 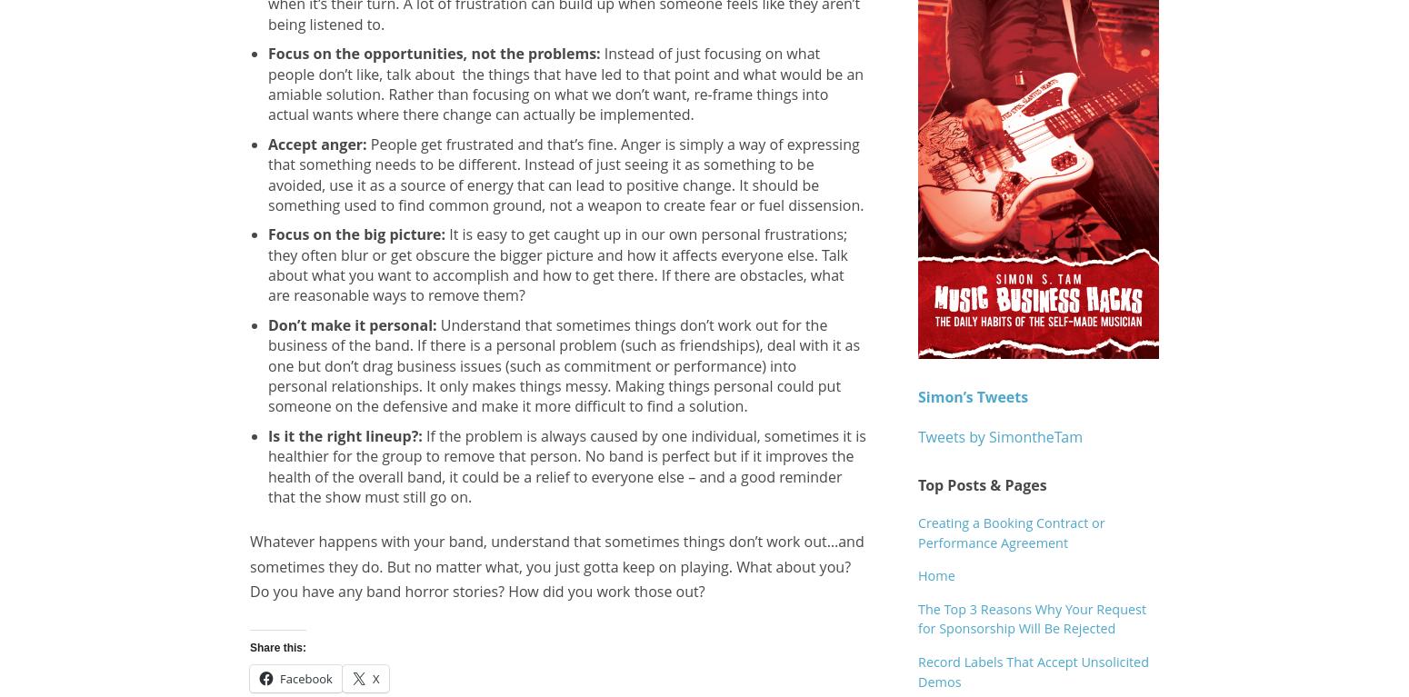 I want to click on 'Simon’s Tweets', so click(x=917, y=396).